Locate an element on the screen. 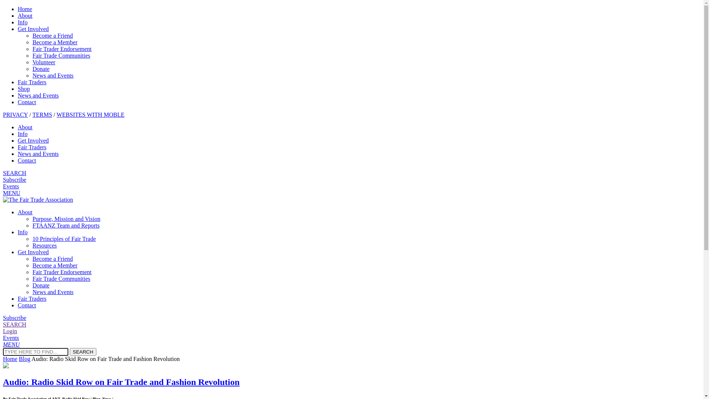 The image size is (709, 399). 'FTAANZ Team and Reports' is located at coordinates (66, 225).